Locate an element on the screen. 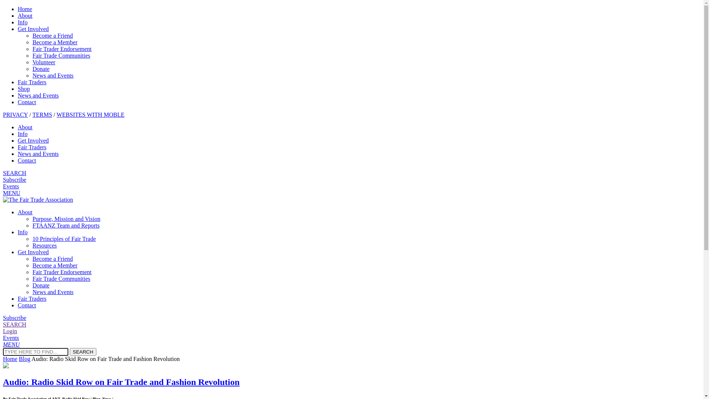 The image size is (709, 399). 'FTAANZ Team and Reports' is located at coordinates (66, 225).